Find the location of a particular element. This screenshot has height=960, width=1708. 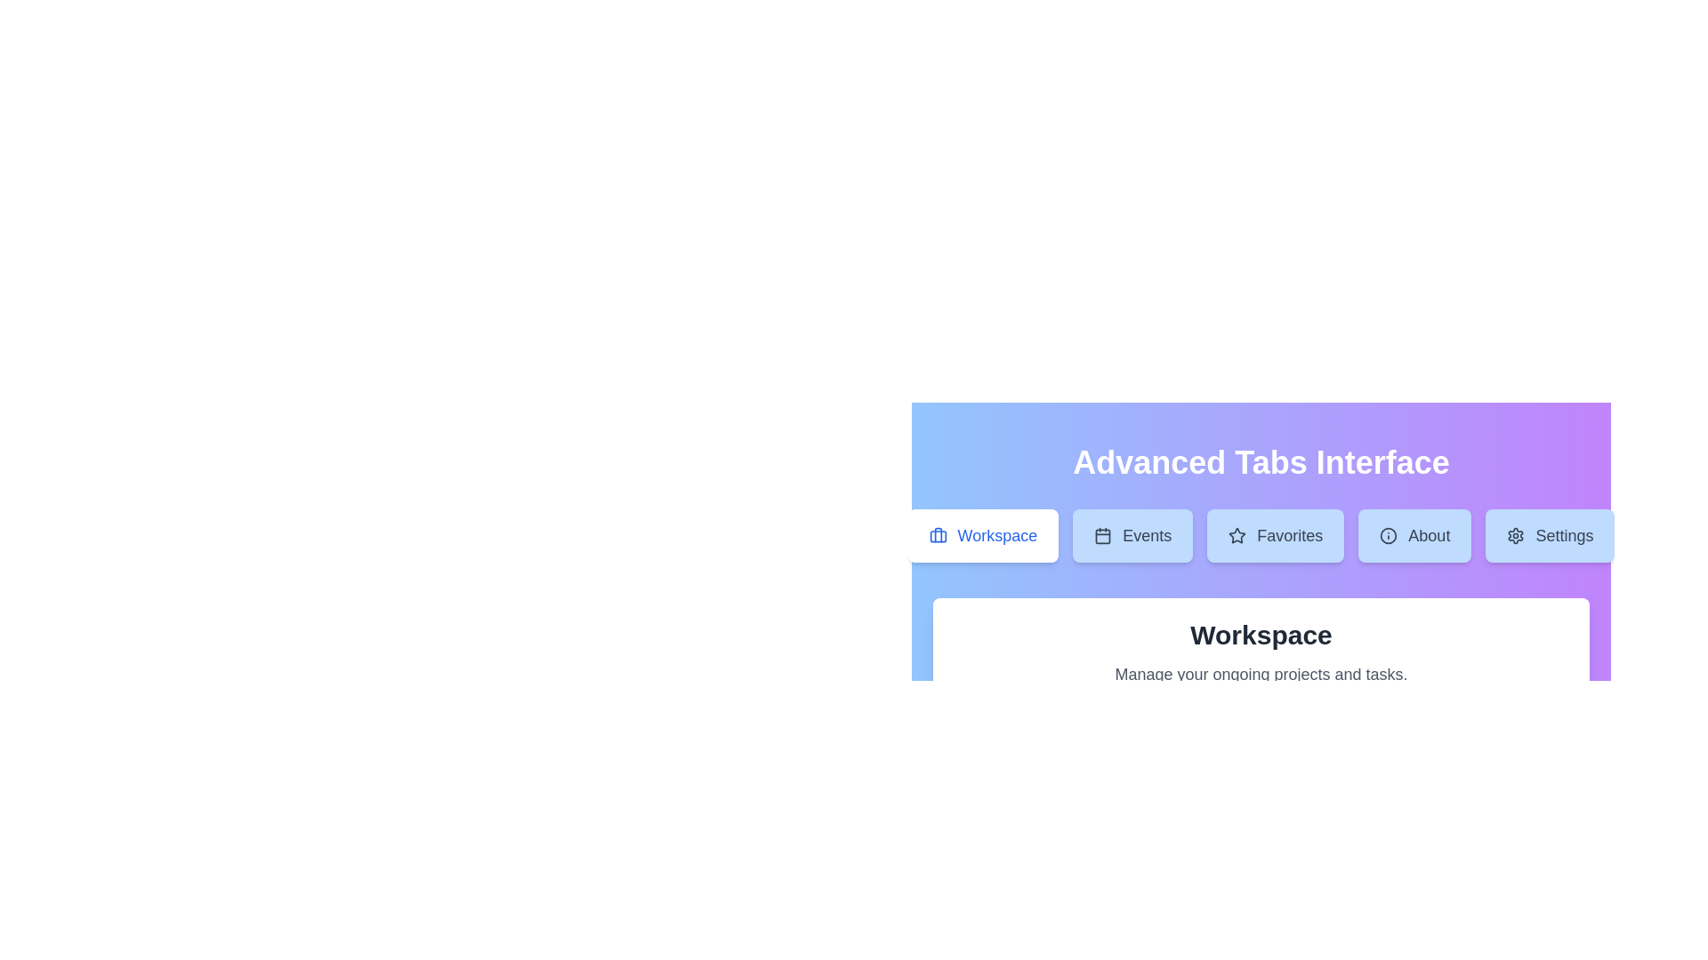

the outlined star icon located in the 'Favorites' tab, which is the third item in the horizontal list of tabs at the top of the interface, to interact with it is located at coordinates (1237, 534).